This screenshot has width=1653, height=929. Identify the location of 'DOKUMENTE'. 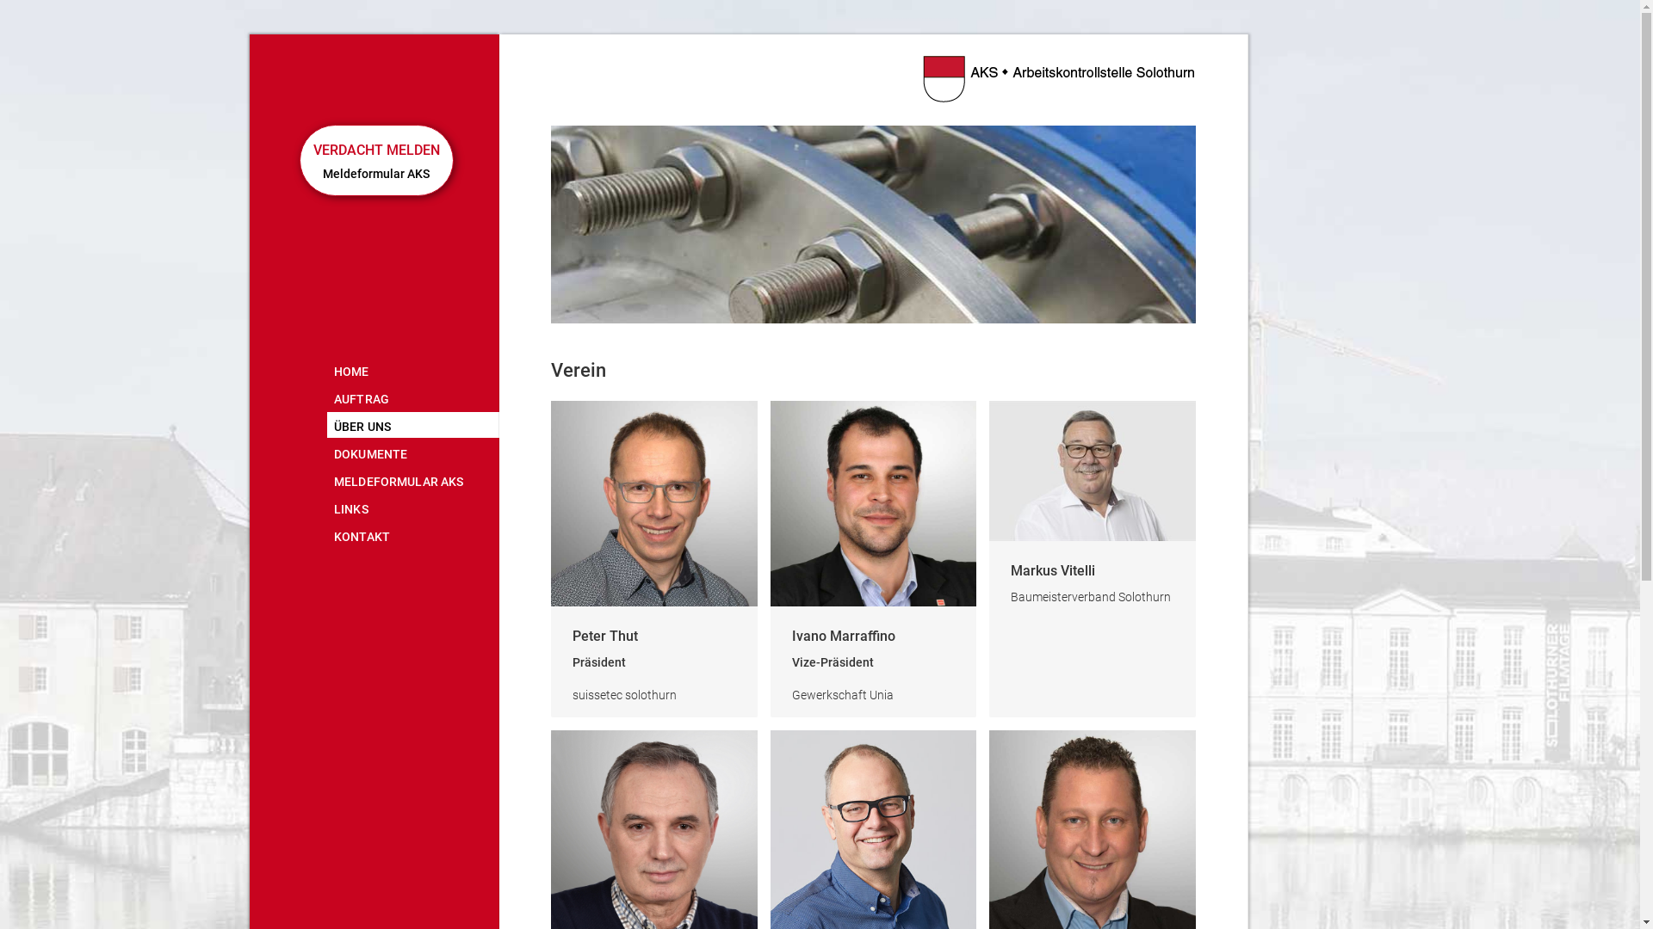
(413, 451).